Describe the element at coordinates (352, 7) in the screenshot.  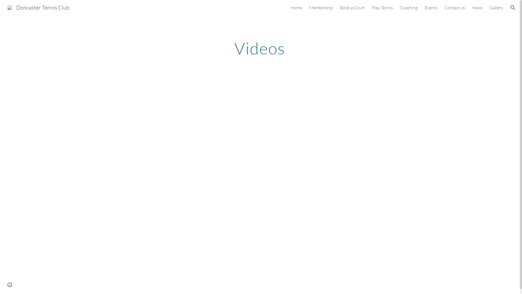
I see `'Book a Court'` at that location.